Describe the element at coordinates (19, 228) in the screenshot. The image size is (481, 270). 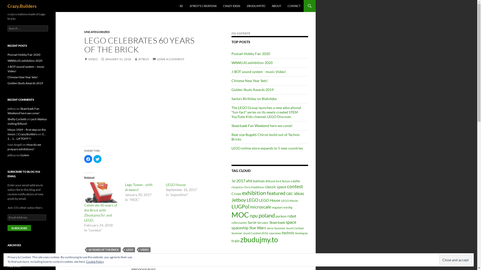
I see `'SUBSCRIBE'` at that location.